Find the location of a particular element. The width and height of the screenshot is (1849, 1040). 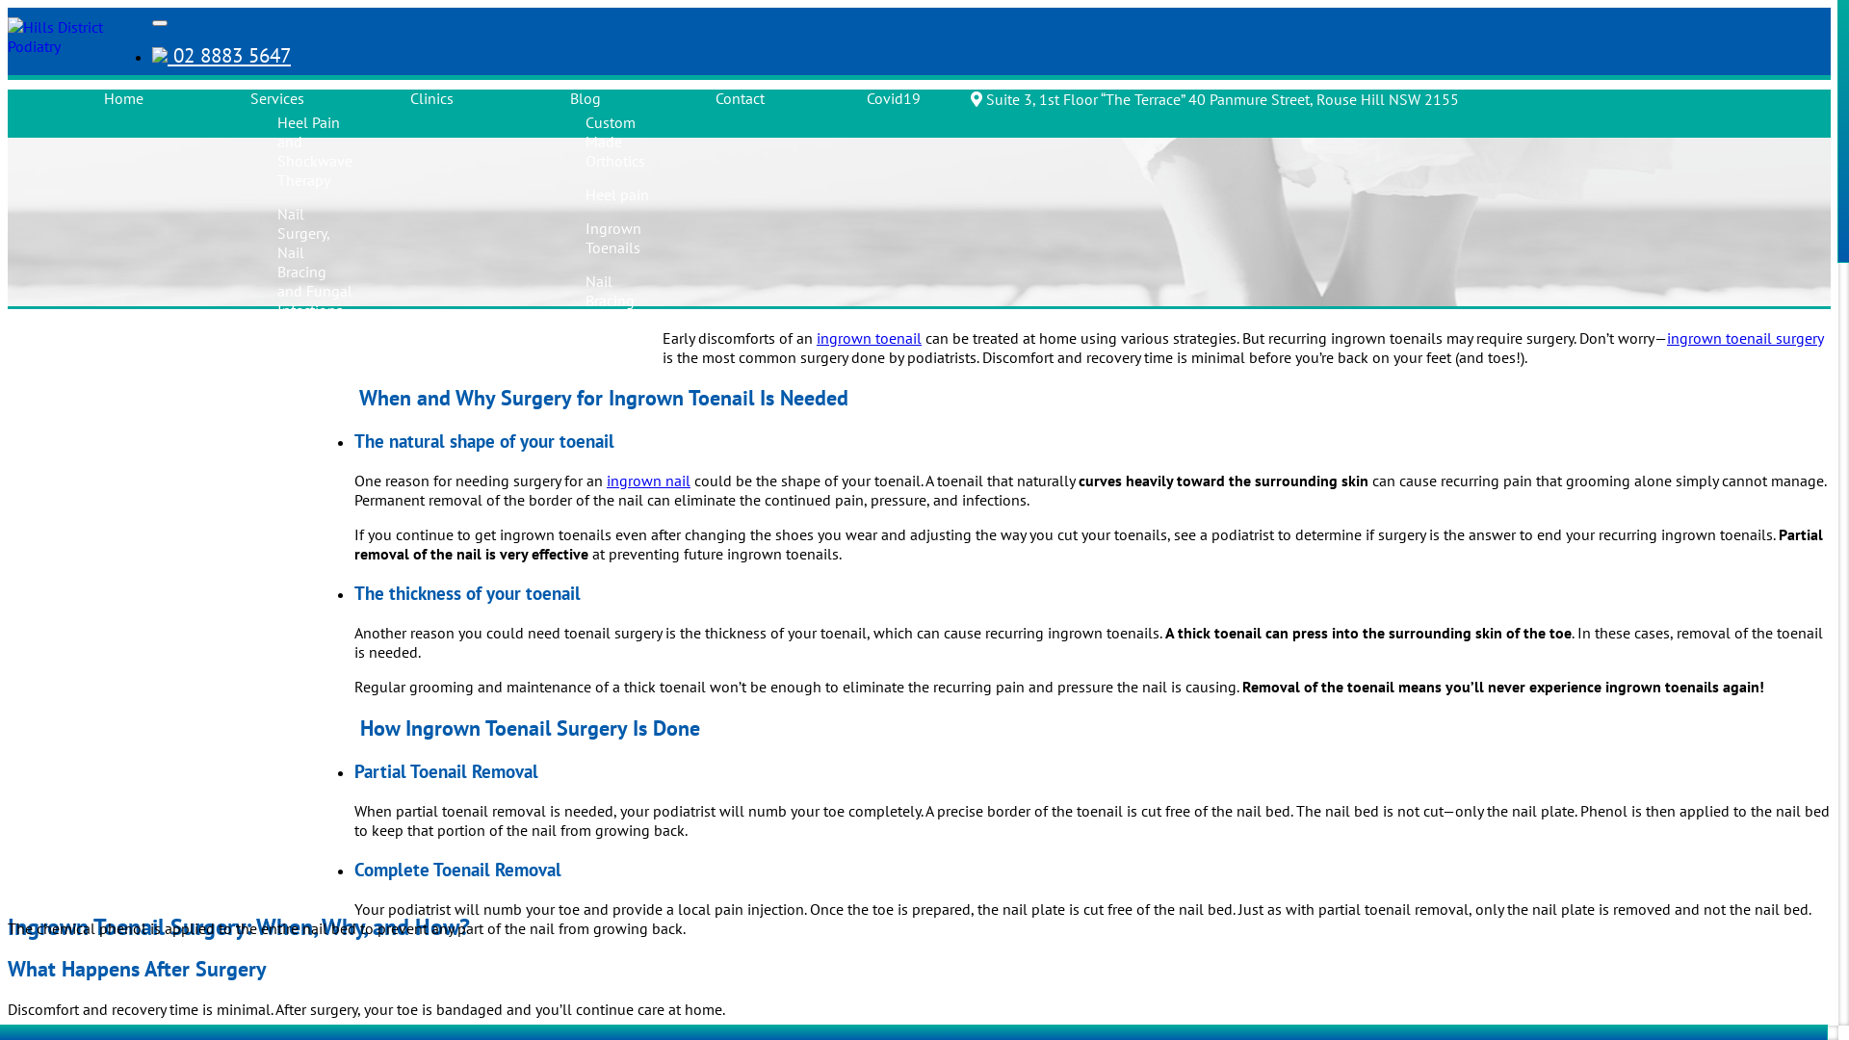

'Nail Bracing' is located at coordinates (609, 290).